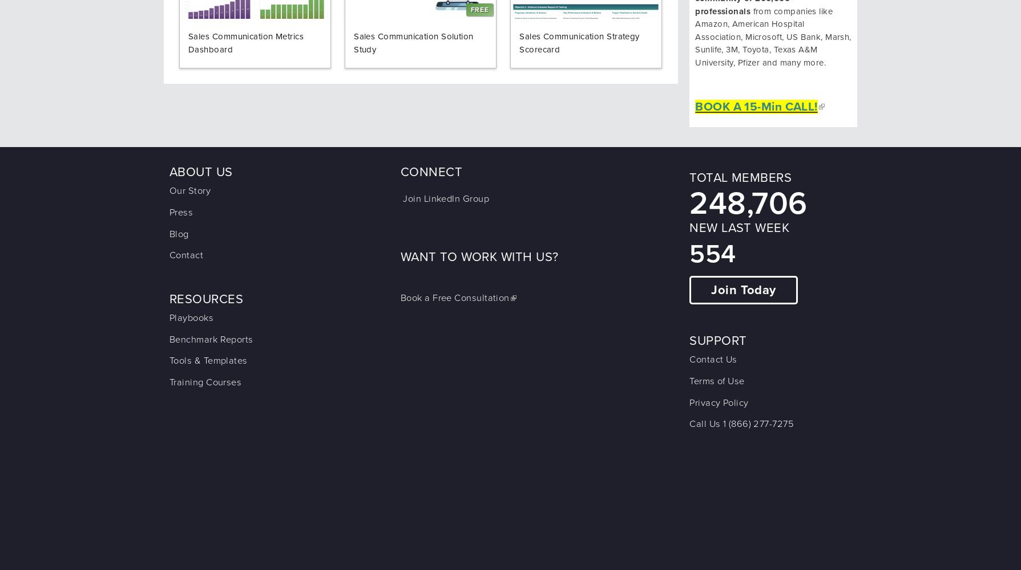  I want to click on 'Our Story', so click(169, 190).